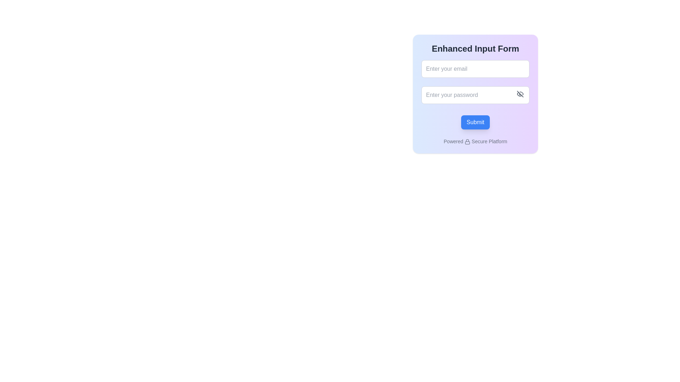  What do you see at coordinates (475, 95) in the screenshot?
I see `the eye icon inside the Password input field` at bounding box center [475, 95].